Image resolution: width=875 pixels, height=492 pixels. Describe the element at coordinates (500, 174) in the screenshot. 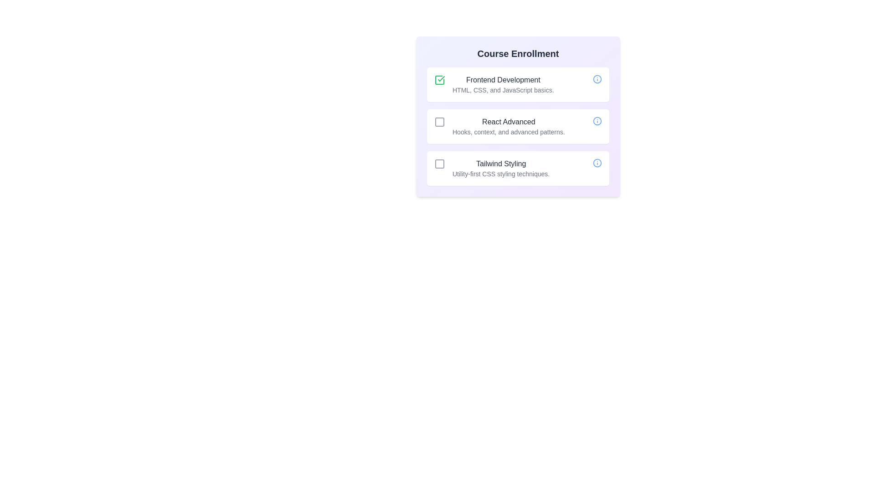

I see `text label containing the phrase 'Utility-first CSS styling techniques.' that is positioned below the title 'Tailwind Styling.'` at that location.